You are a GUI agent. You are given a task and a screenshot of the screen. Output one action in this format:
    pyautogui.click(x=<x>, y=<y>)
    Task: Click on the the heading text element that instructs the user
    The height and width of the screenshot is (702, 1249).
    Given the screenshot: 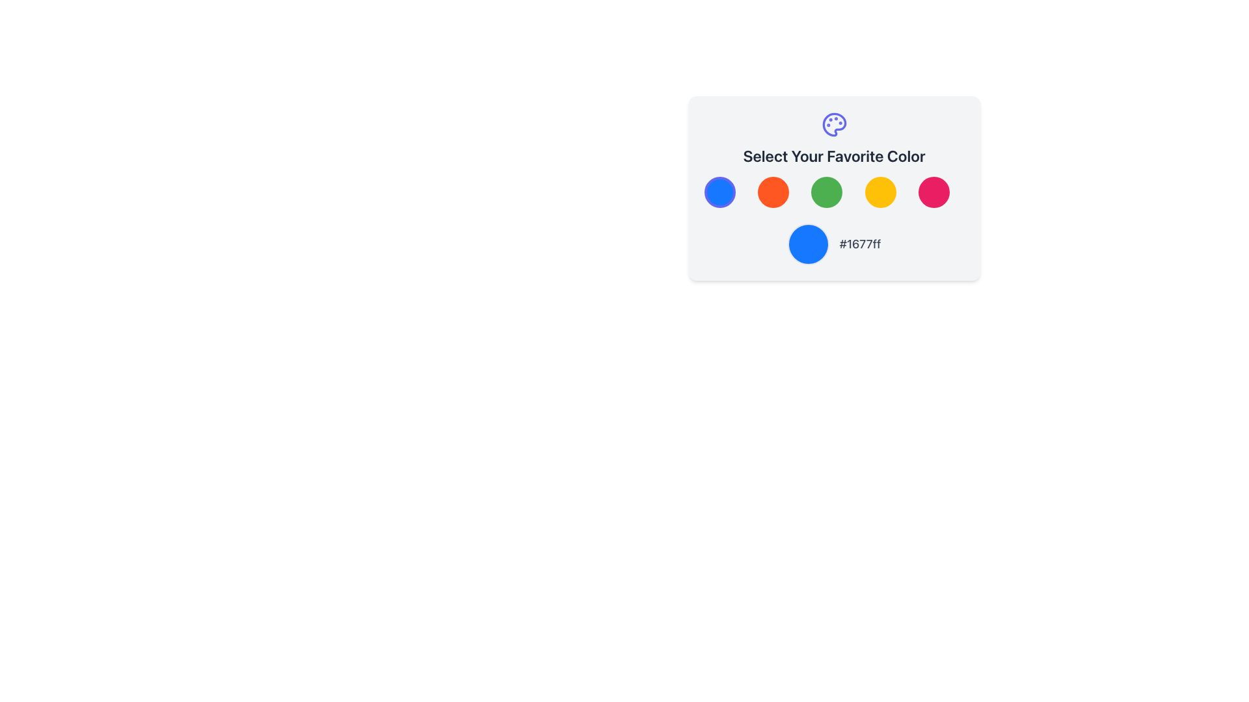 What is the action you would take?
    pyautogui.click(x=834, y=155)
    